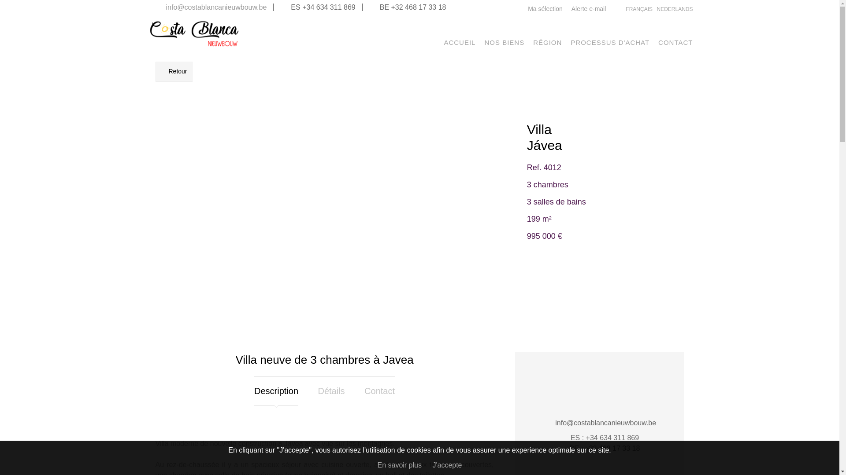  I want to click on 'PROCESSUS D'ACHAT', so click(609, 42).